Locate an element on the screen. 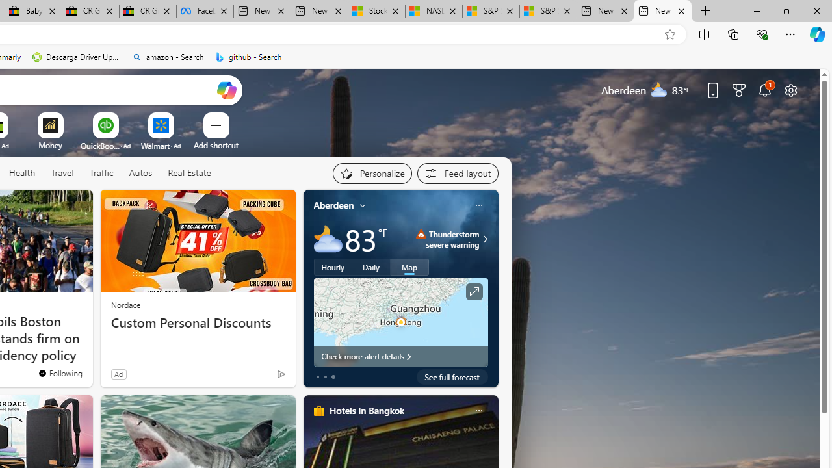 The width and height of the screenshot is (832, 468). 'tab-2' is located at coordinates (333, 376).